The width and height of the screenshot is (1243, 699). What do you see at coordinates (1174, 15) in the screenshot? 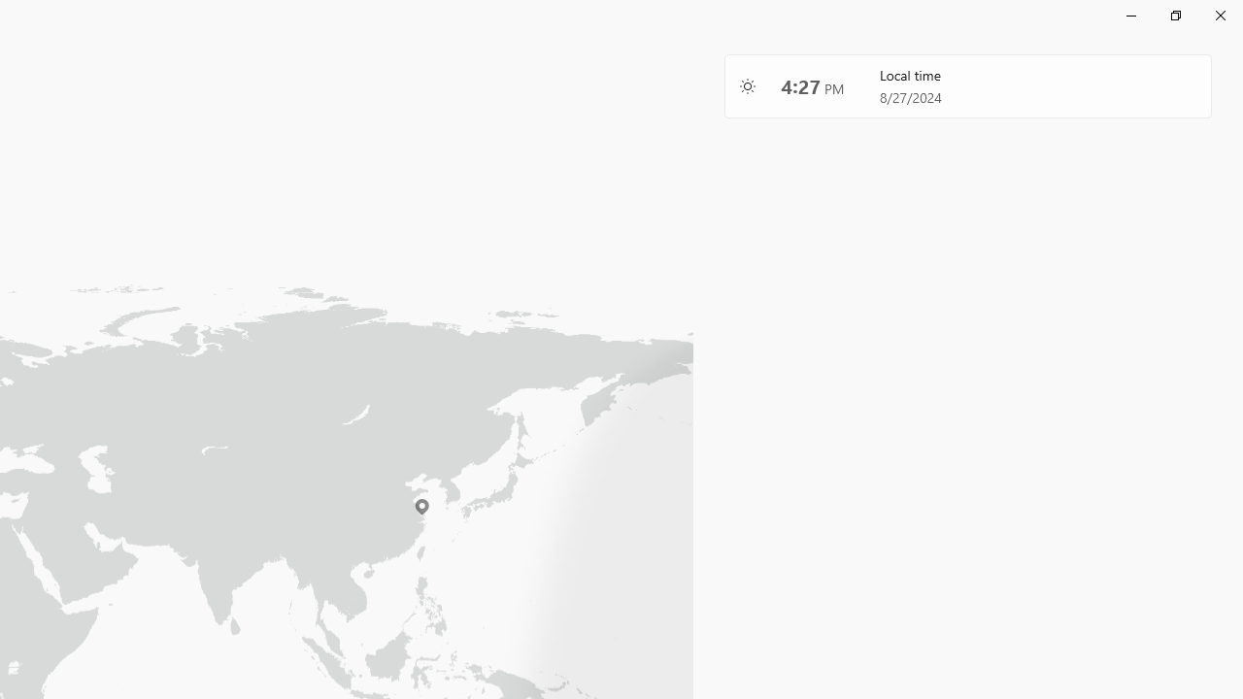
I see `'Restore Clock'` at bounding box center [1174, 15].